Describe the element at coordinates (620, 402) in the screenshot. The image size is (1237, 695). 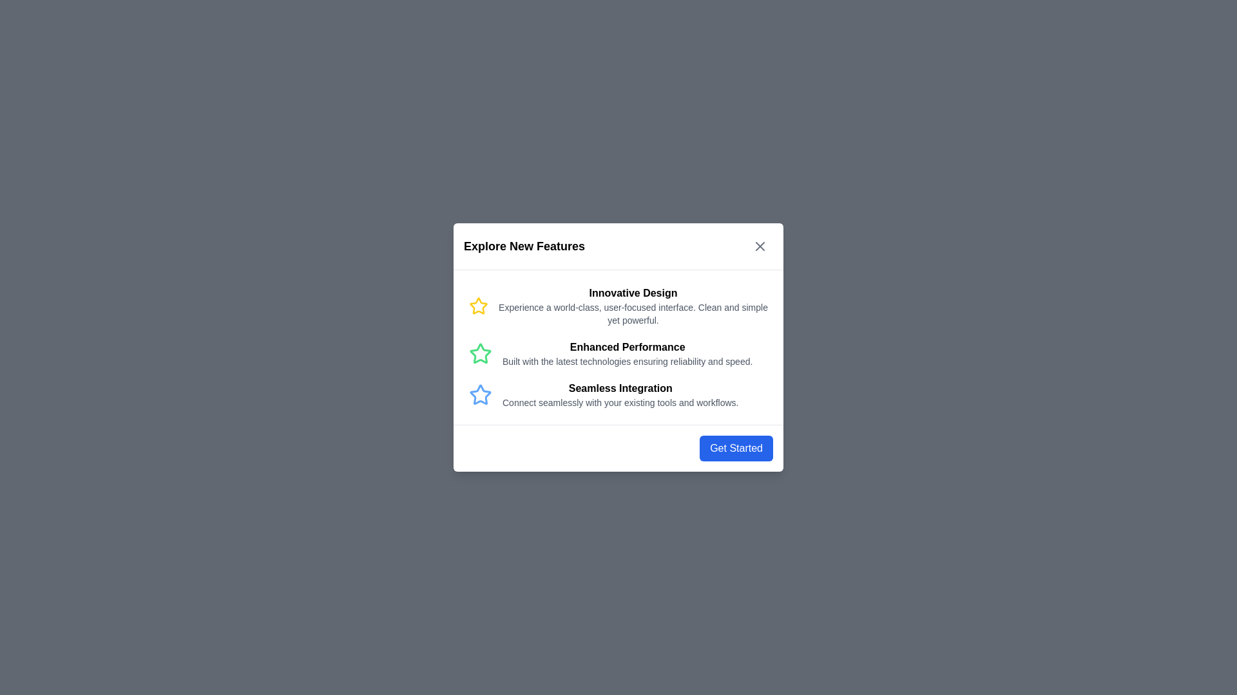
I see `the Text label located below the title 'Seamless Integration' within the modal box that describes feature details` at that location.